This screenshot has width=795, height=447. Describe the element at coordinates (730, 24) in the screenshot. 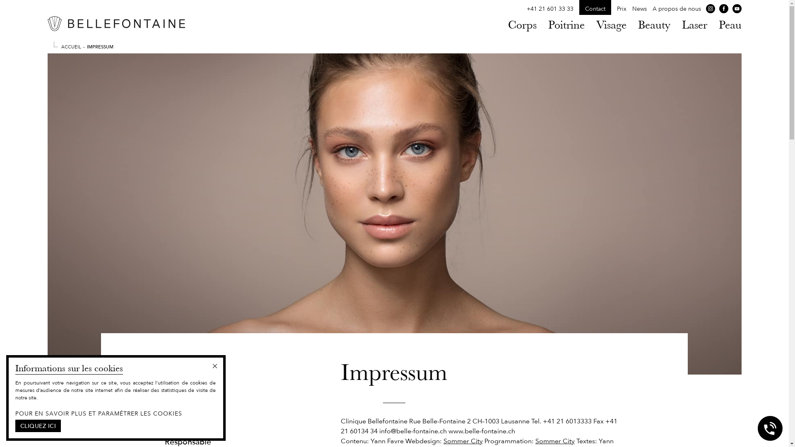

I see `'Peau'` at that location.